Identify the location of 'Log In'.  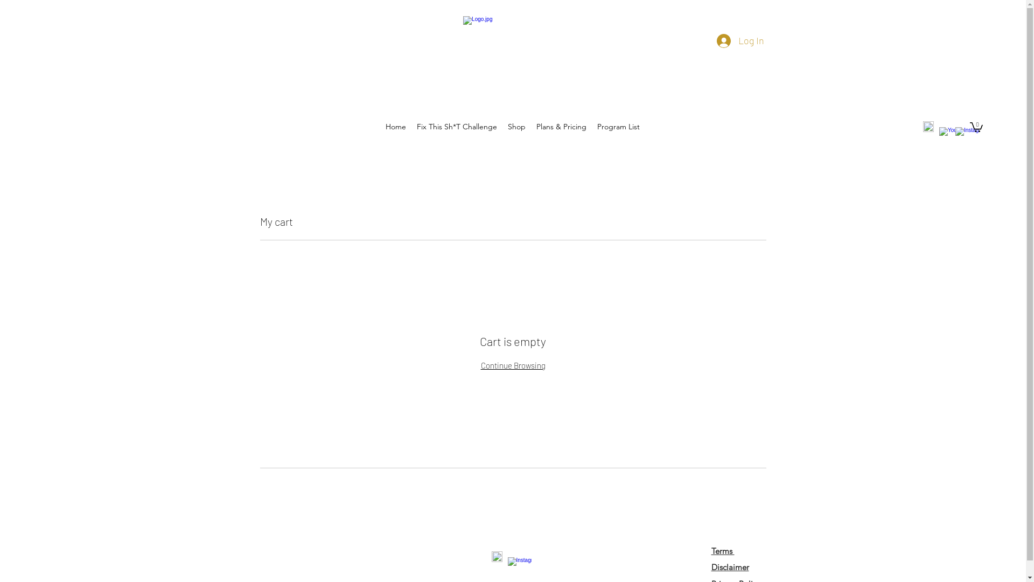
(708, 40).